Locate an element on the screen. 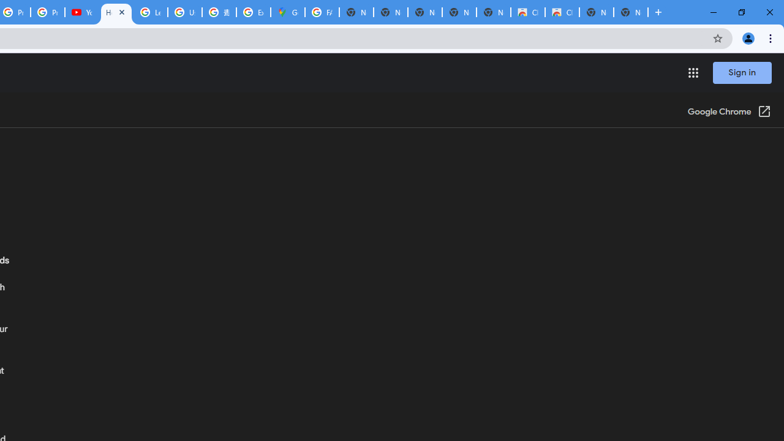 The height and width of the screenshot is (441, 784). 'Classic Blue - Chrome Web Store' is located at coordinates (561, 12).